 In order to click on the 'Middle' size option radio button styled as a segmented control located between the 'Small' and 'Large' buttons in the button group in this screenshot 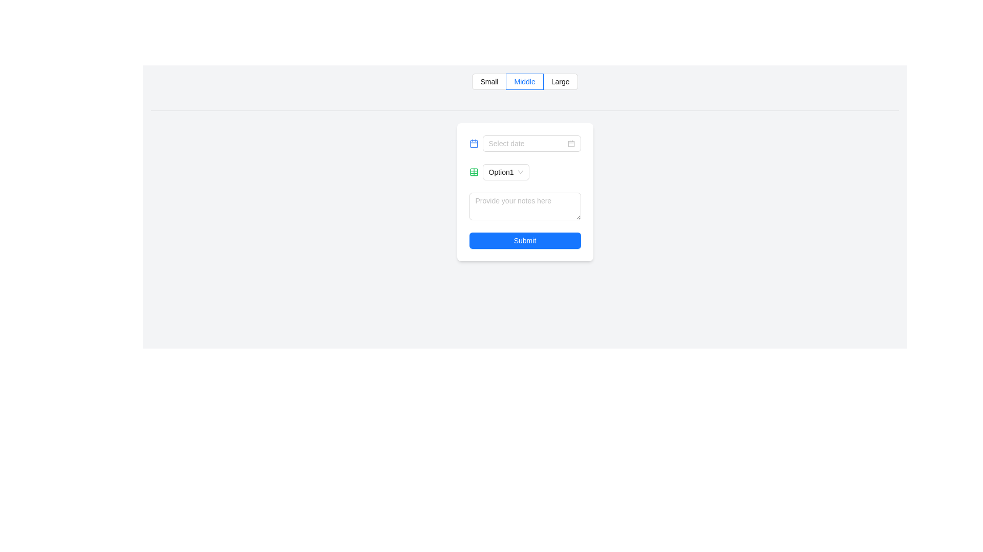, I will do `click(525, 81)`.